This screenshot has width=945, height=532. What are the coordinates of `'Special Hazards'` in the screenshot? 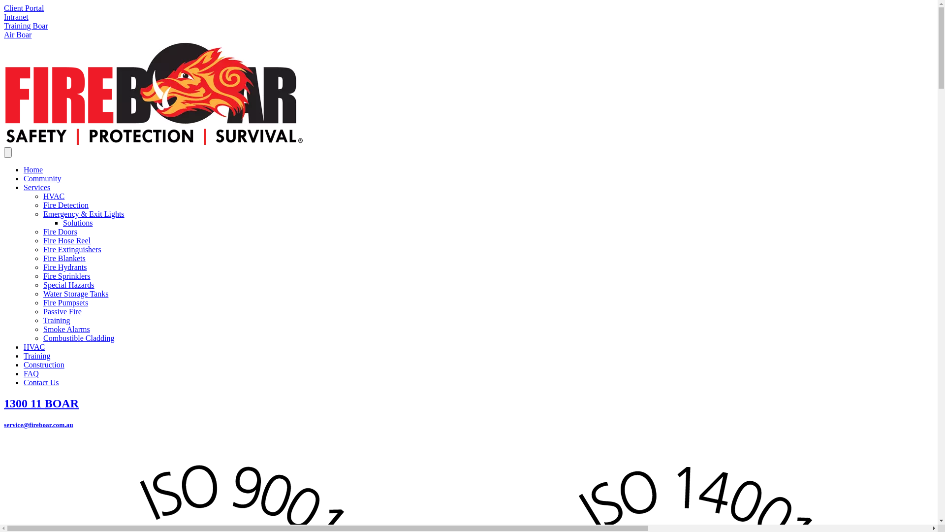 It's located at (68, 285).